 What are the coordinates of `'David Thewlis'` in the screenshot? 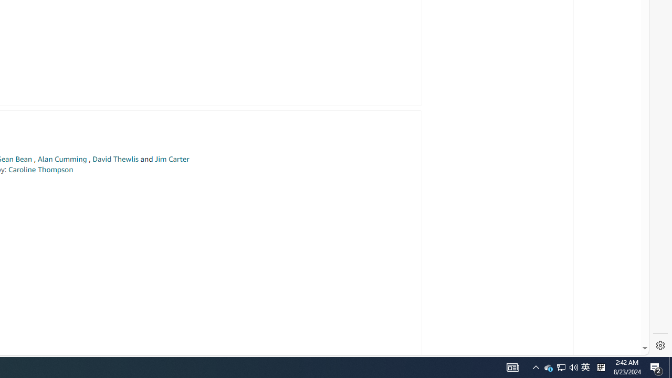 It's located at (115, 159).